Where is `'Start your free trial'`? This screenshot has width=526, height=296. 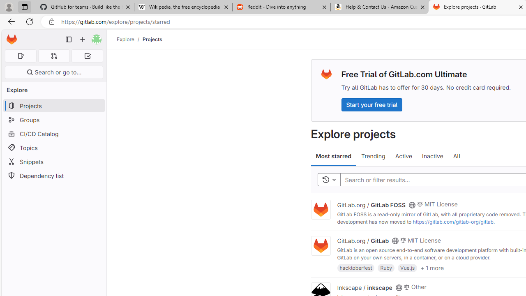
'Start your free trial' is located at coordinates (371, 104).